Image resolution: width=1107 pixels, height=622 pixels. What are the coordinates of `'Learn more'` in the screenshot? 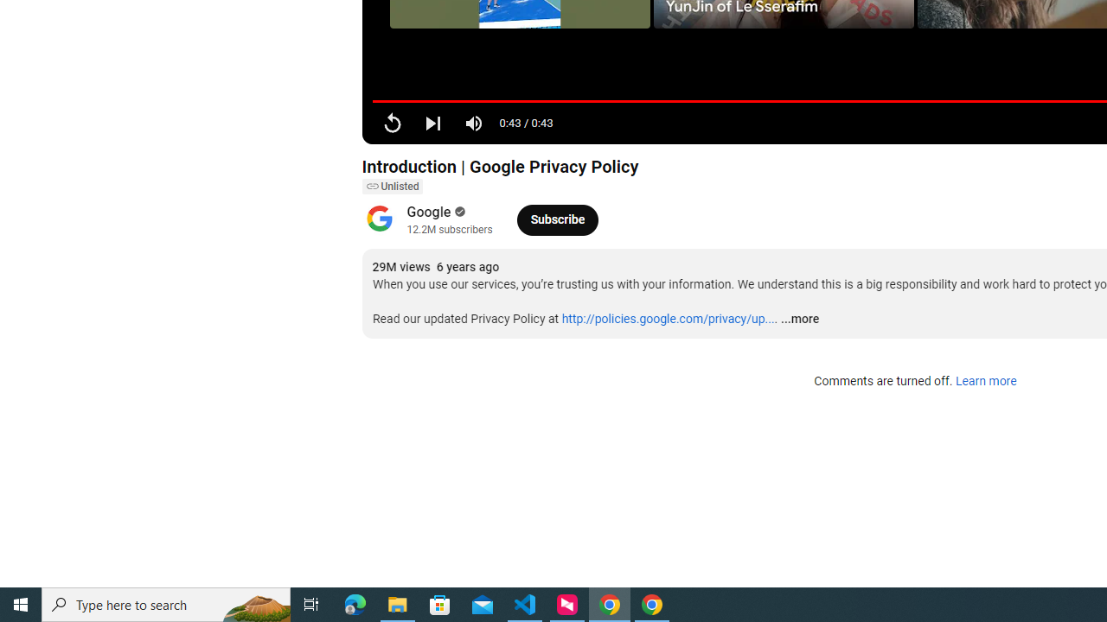 It's located at (985, 381).